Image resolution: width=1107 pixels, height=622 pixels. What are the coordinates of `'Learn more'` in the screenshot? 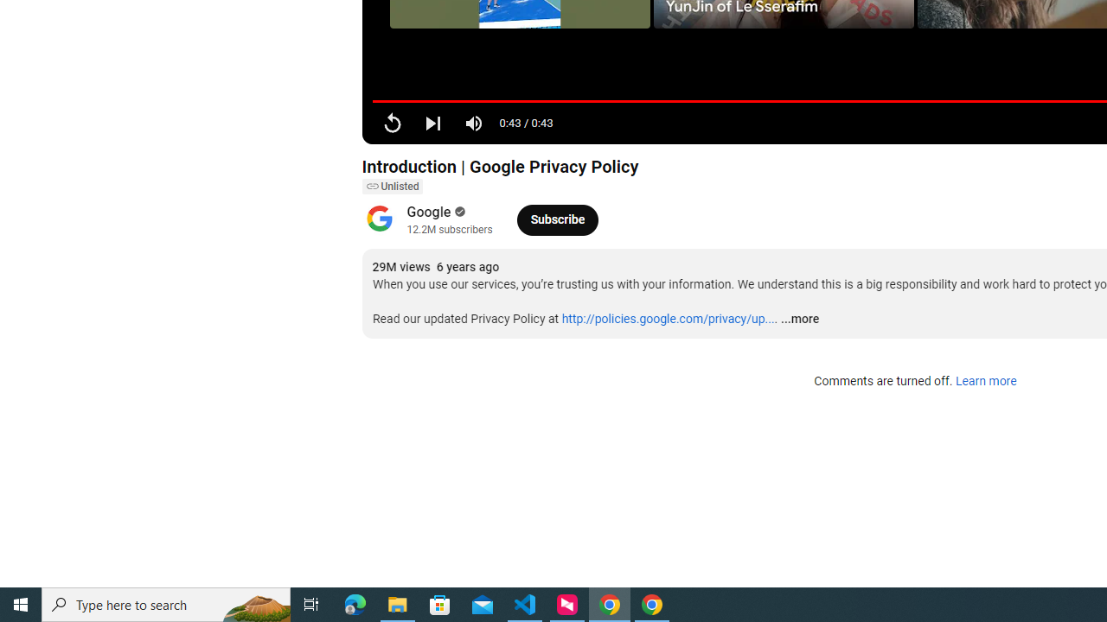 It's located at (985, 381).